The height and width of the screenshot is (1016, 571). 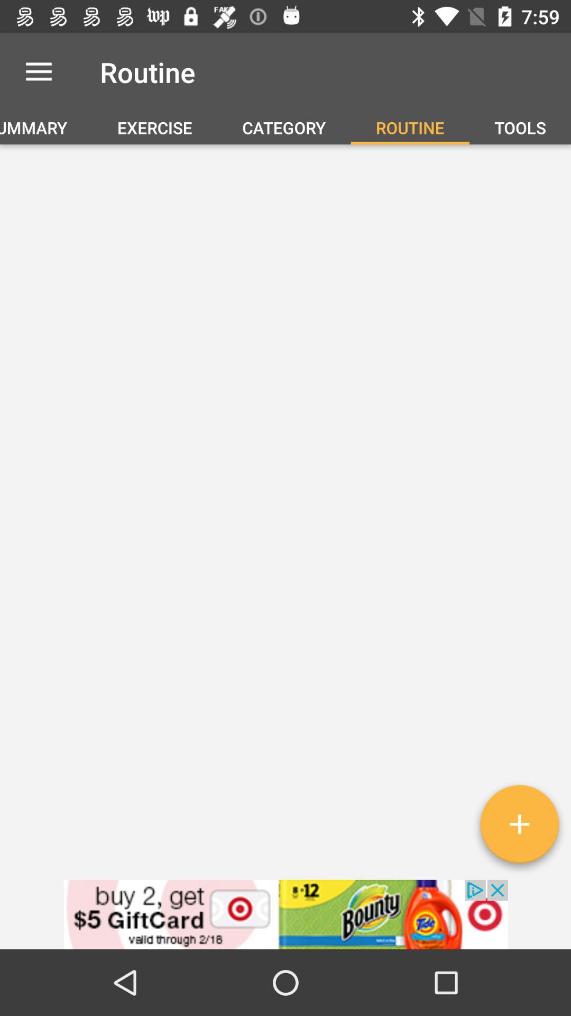 I want to click on a routine, so click(x=519, y=828).